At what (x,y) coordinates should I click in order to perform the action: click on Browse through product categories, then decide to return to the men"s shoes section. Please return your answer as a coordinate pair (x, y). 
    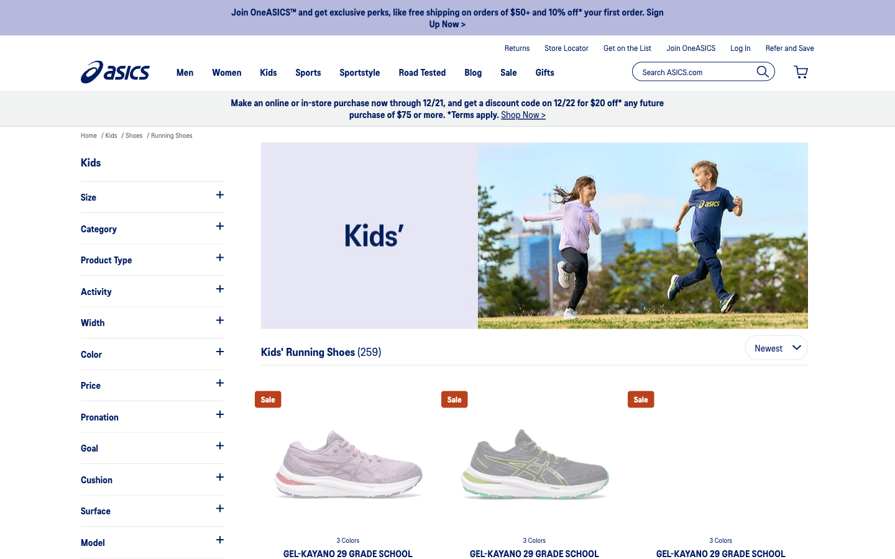
    Looking at the image, I should click on (151, 228).